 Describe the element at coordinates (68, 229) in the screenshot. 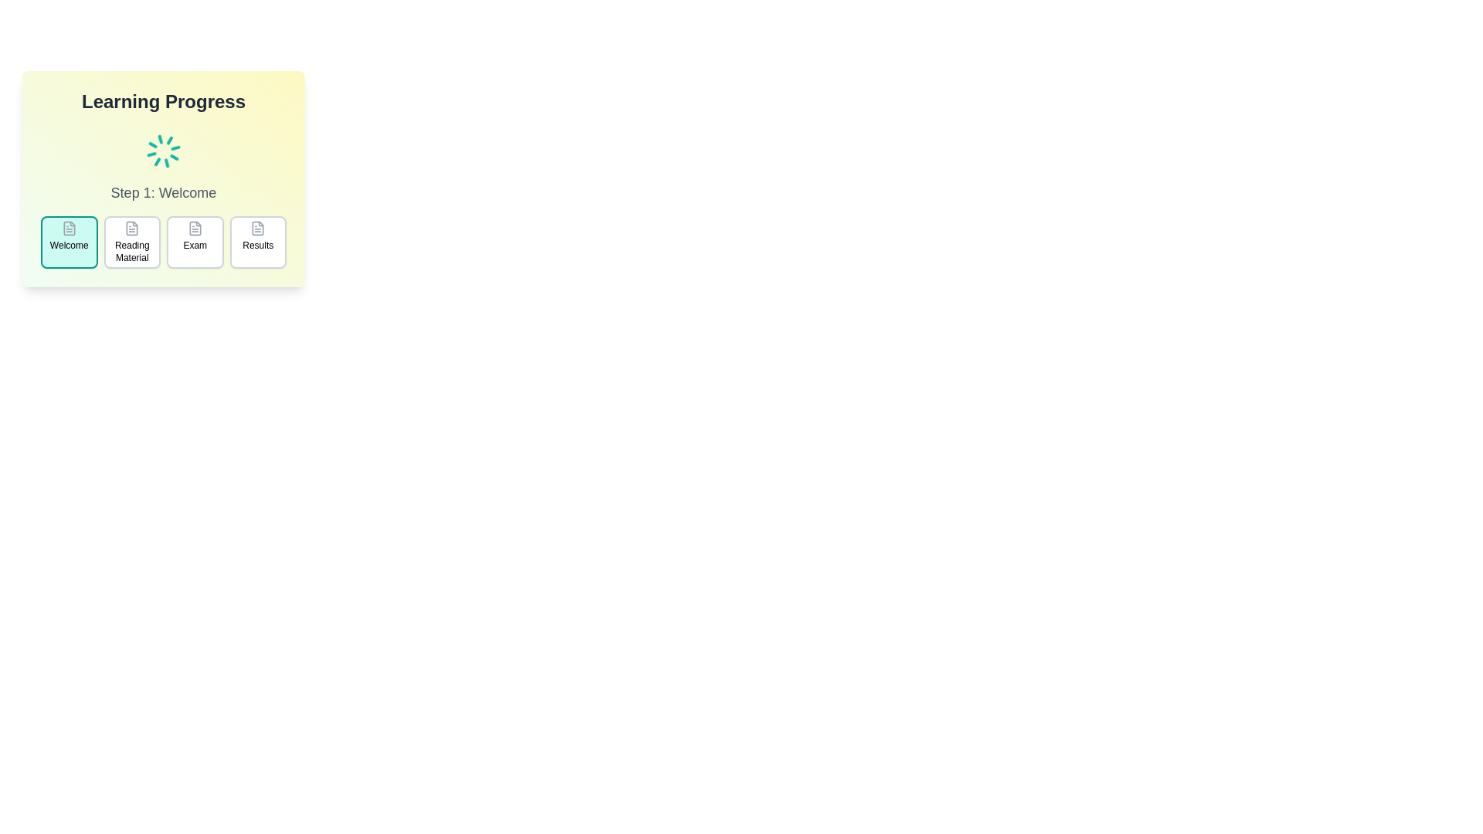

I see `the visual cue of the document icon located within the 'Welcome' button, which features a gray file-like design with a folded corner` at that location.